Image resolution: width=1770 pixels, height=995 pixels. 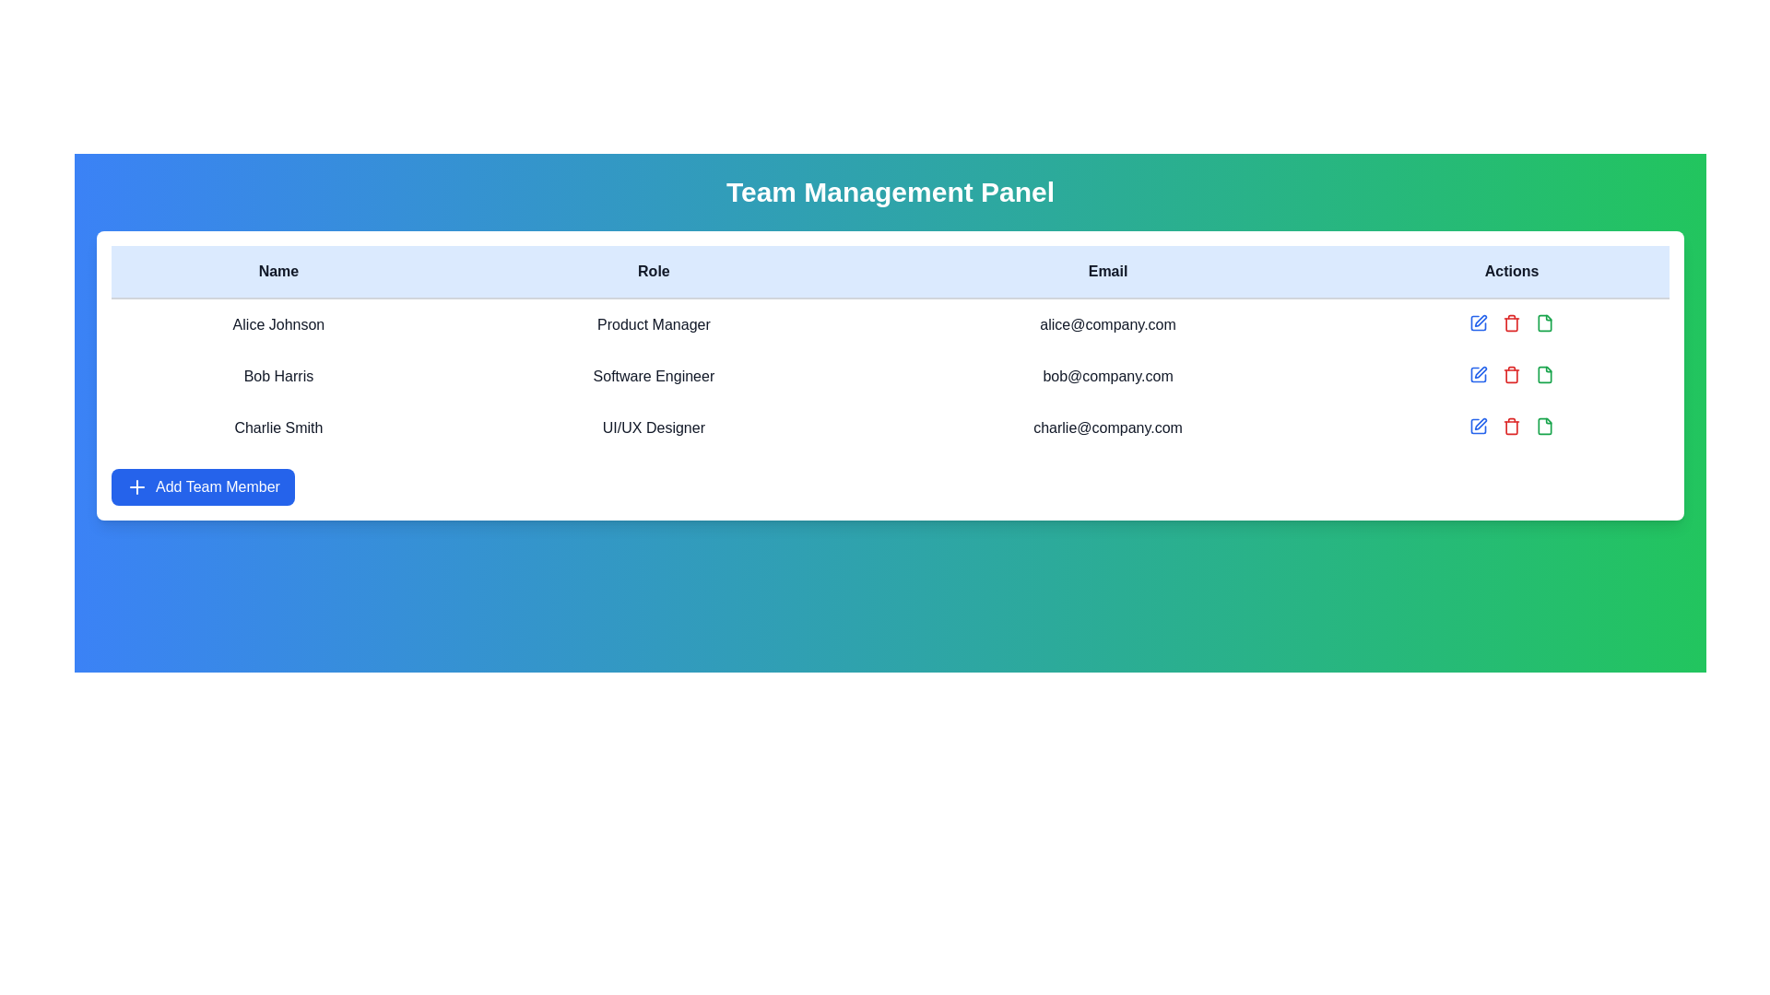 What do you see at coordinates (1481, 424) in the screenshot?
I see `the editing button for the row corresponding to Charlie Smith to initiate the editing action` at bounding box center [1481, 424].